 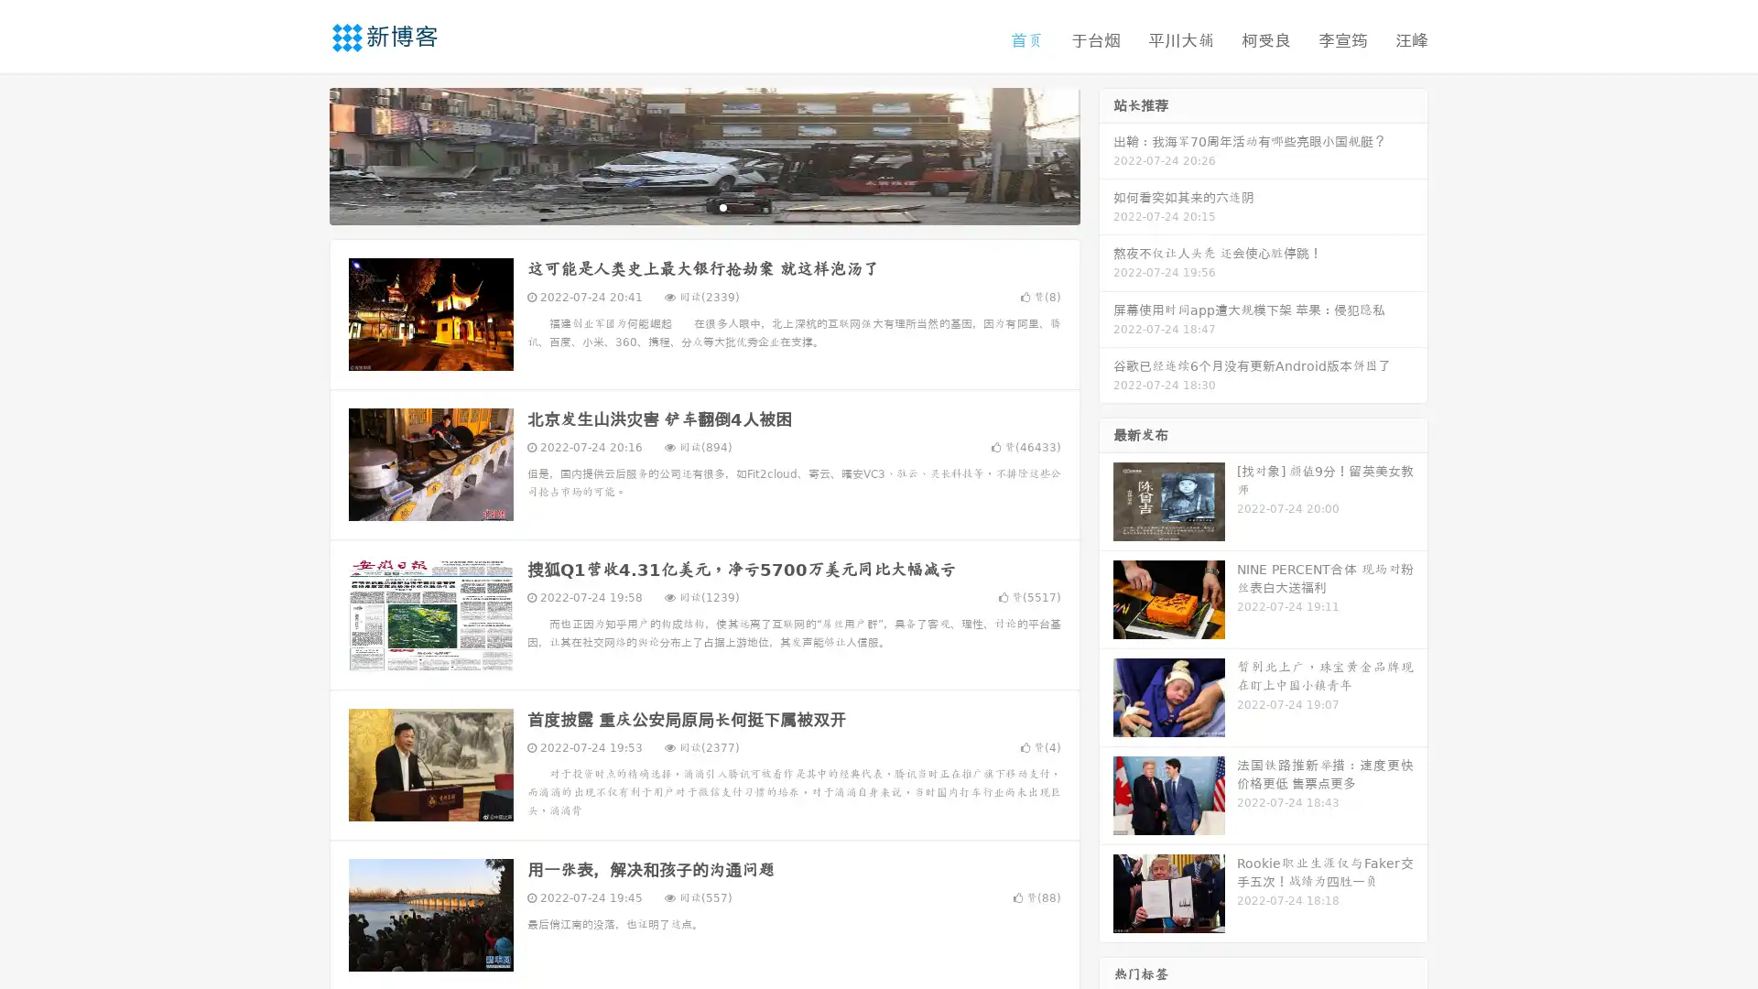 What do you see at coordinates (1106, 154) in the screenshot?
I see `Next slide` at bounding box center [1106, 154].